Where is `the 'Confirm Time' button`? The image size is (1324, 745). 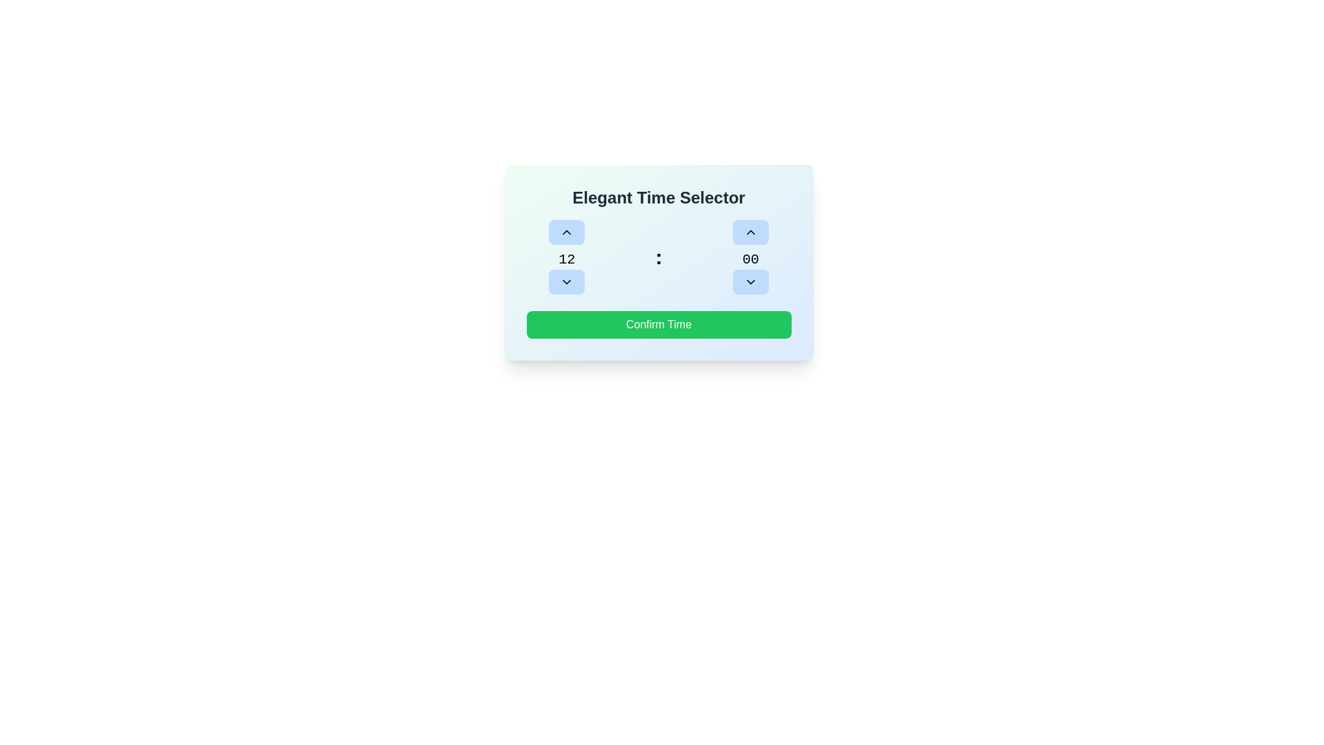 the 'Confirm Time' button is located at coordinates (658, 324).